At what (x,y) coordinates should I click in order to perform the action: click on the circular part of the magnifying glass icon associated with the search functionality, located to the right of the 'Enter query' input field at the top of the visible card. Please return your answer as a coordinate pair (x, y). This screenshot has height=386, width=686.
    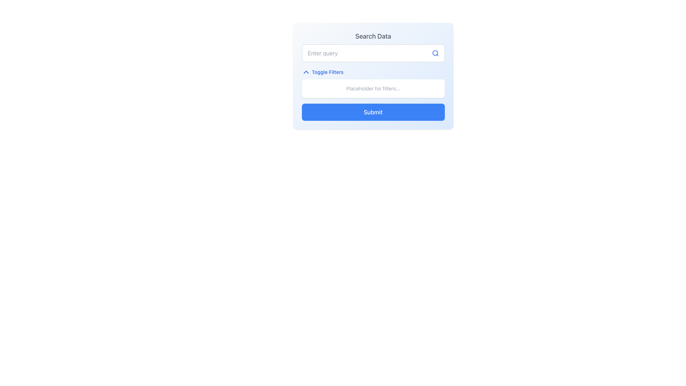
    Looking at the image, I should click on (434, 53).